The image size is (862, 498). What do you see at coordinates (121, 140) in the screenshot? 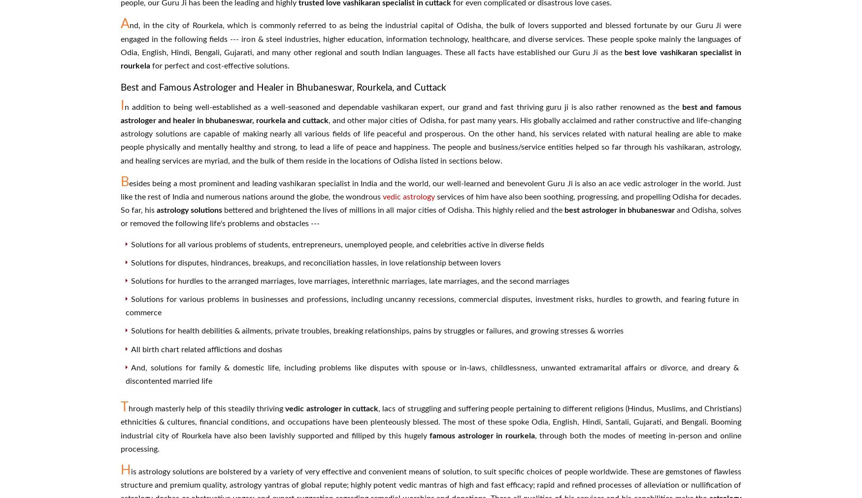
I see `', and other major cities of Odisha, for past many years. His globally acclaimed and rather constructive and life-changing astrology solutions are capable of making nearly all various fields of life peaceful and prosperous. On the other hand, his services related with natural healing are able to make people physically and mentally healthy and strong, to lead a life of peace and happiness. The people and business/service entities helped so far through his vashikaran, astrology, and healing services are myriad, and the bulk of them reside in the locations of Odisha listed in sections below.'` at bounding box center [121, 140].